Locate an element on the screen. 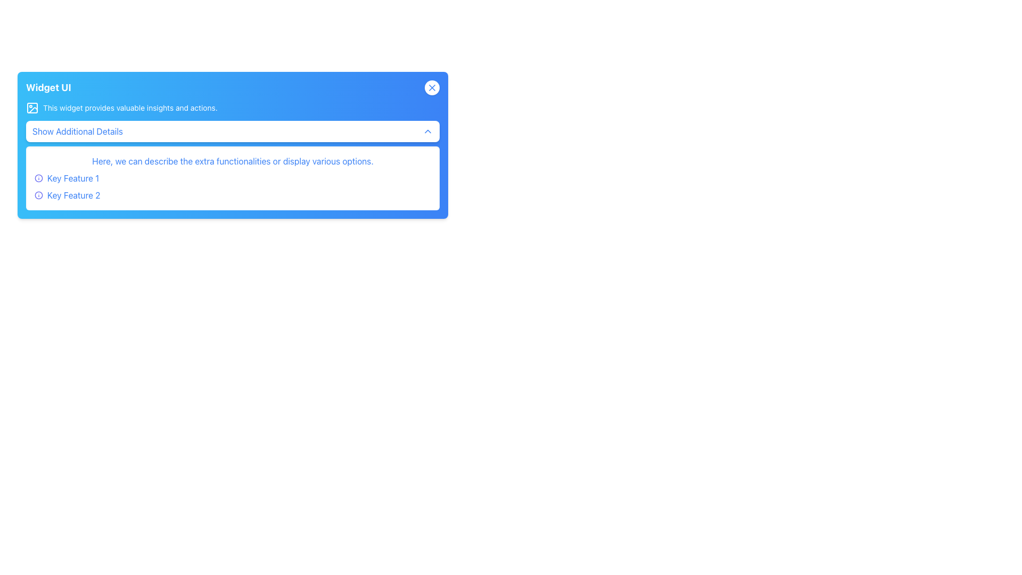 The height and width of the screenshot is (575, 1022). the icon located on the left side of the text 'This widget provides valuable insights and actions.' in the header section of the widget is located at coordinates (32, 108).